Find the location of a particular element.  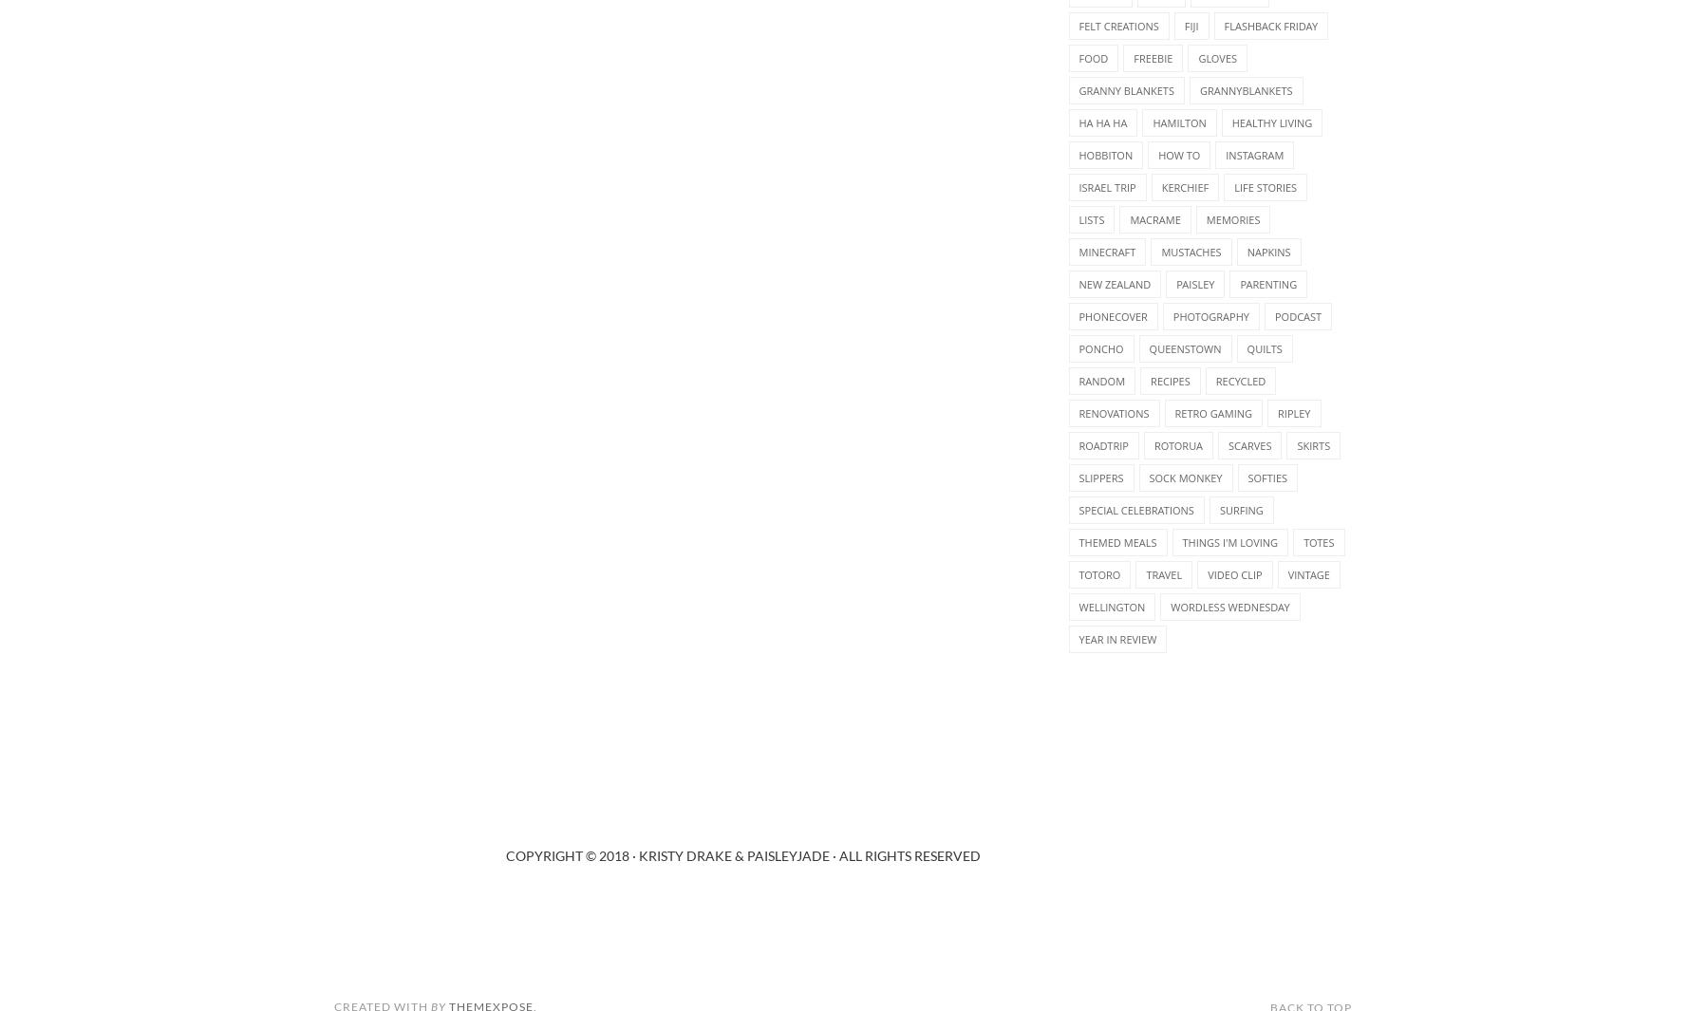

'scarves' is located at coordinates (1249, 444).